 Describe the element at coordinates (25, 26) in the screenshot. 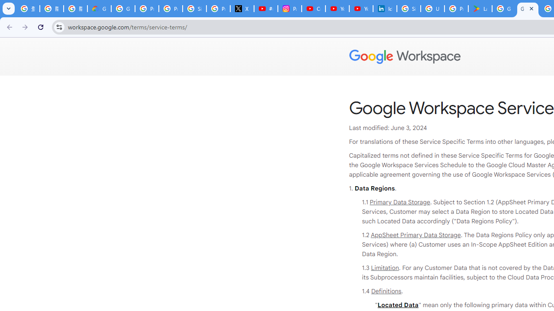

I see `'Forward'` at that location.